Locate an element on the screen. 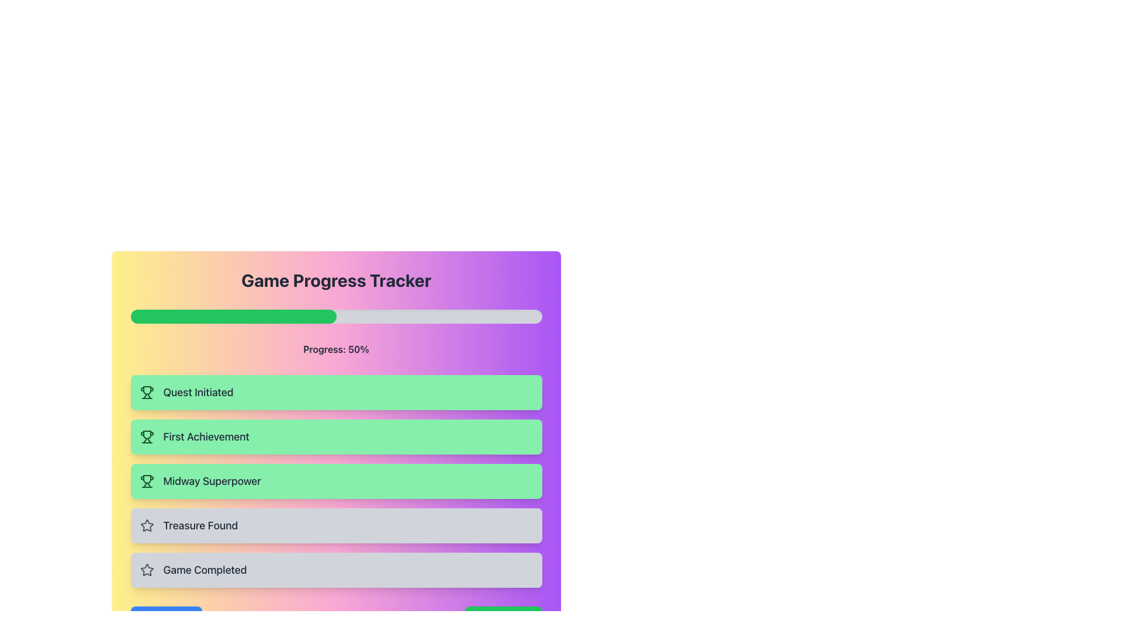 This screenshot has width=1122, height=631. the text label that says 'Treasure Found', which is styled in a larger bold font and dark gray color, located in the progress tracker interface is located at coordinates (200, 525).